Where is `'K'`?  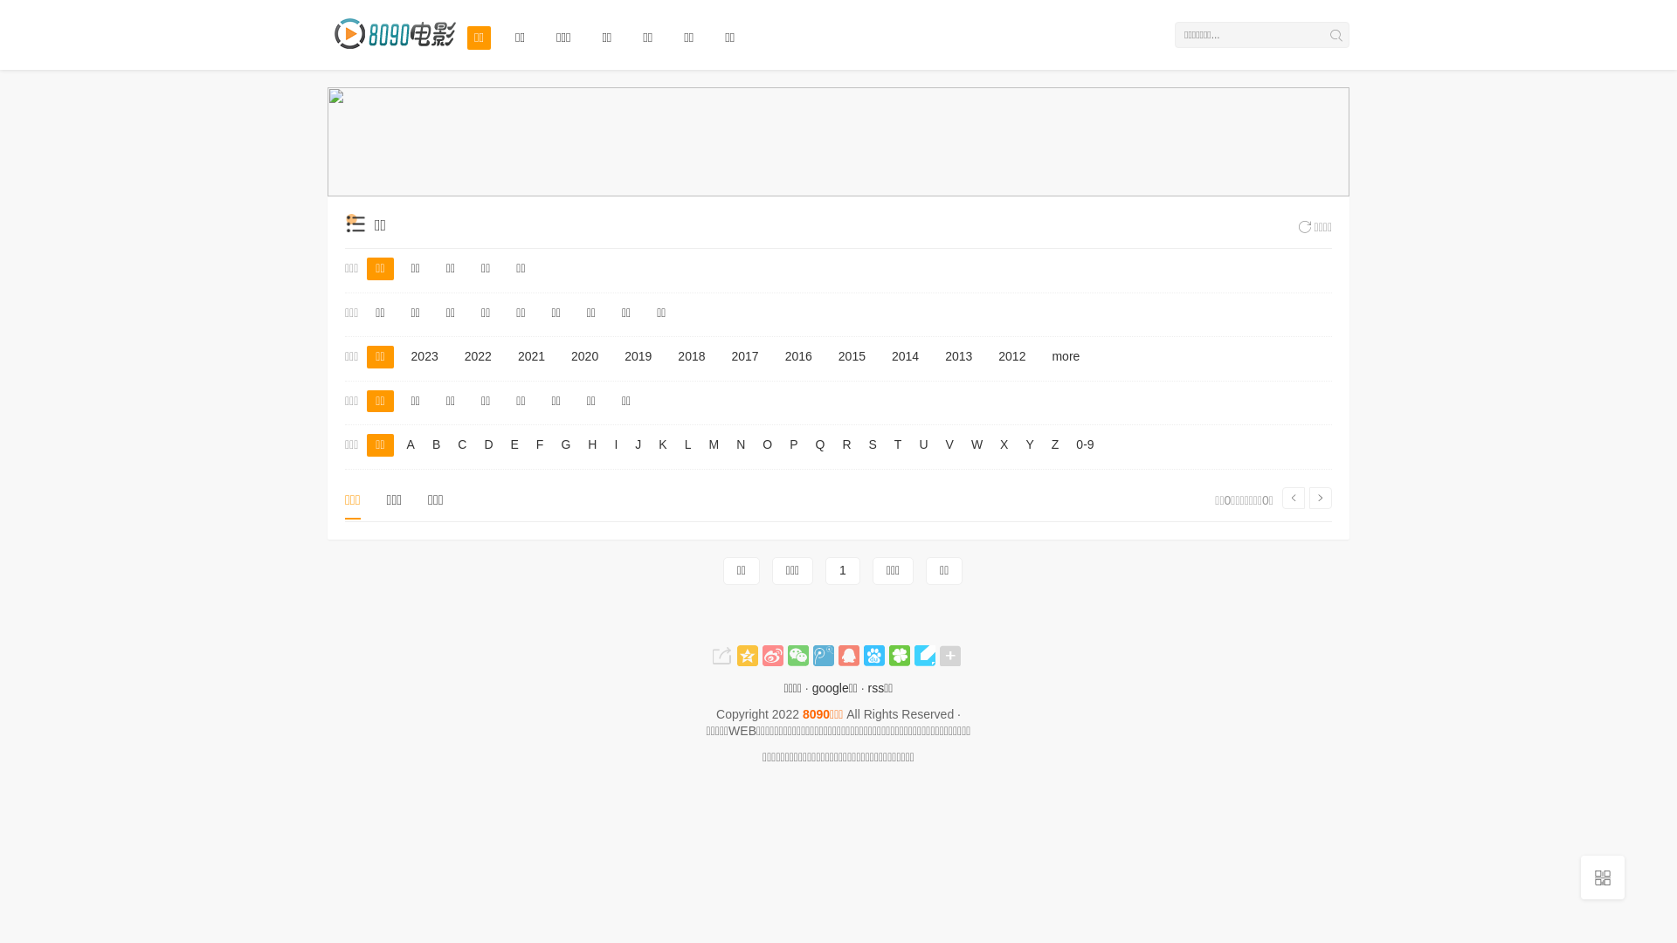 'K' is located at coordinates (652, 444).